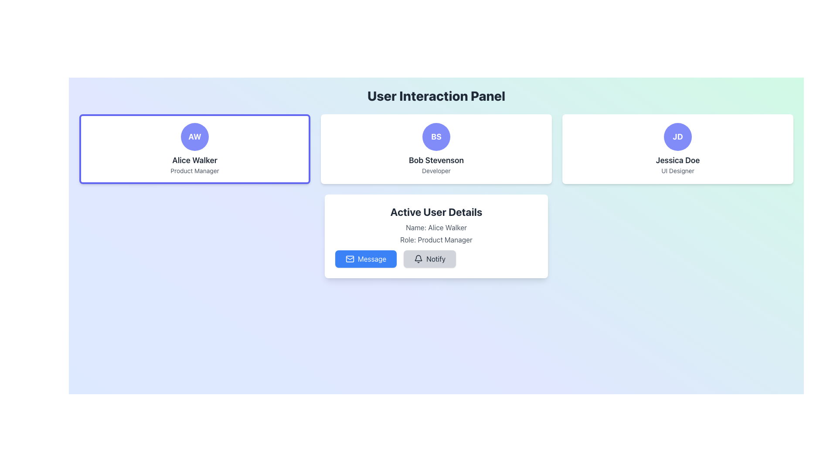  Describe the element at coordinates (436, 240) in the screenshot. I see `the static text label displaying 'Role: Product Manager', which is styled in gray and located in the third row of the details card, centered horizontally below 'Name: Alice Walker' and above the action buttons` at that location.